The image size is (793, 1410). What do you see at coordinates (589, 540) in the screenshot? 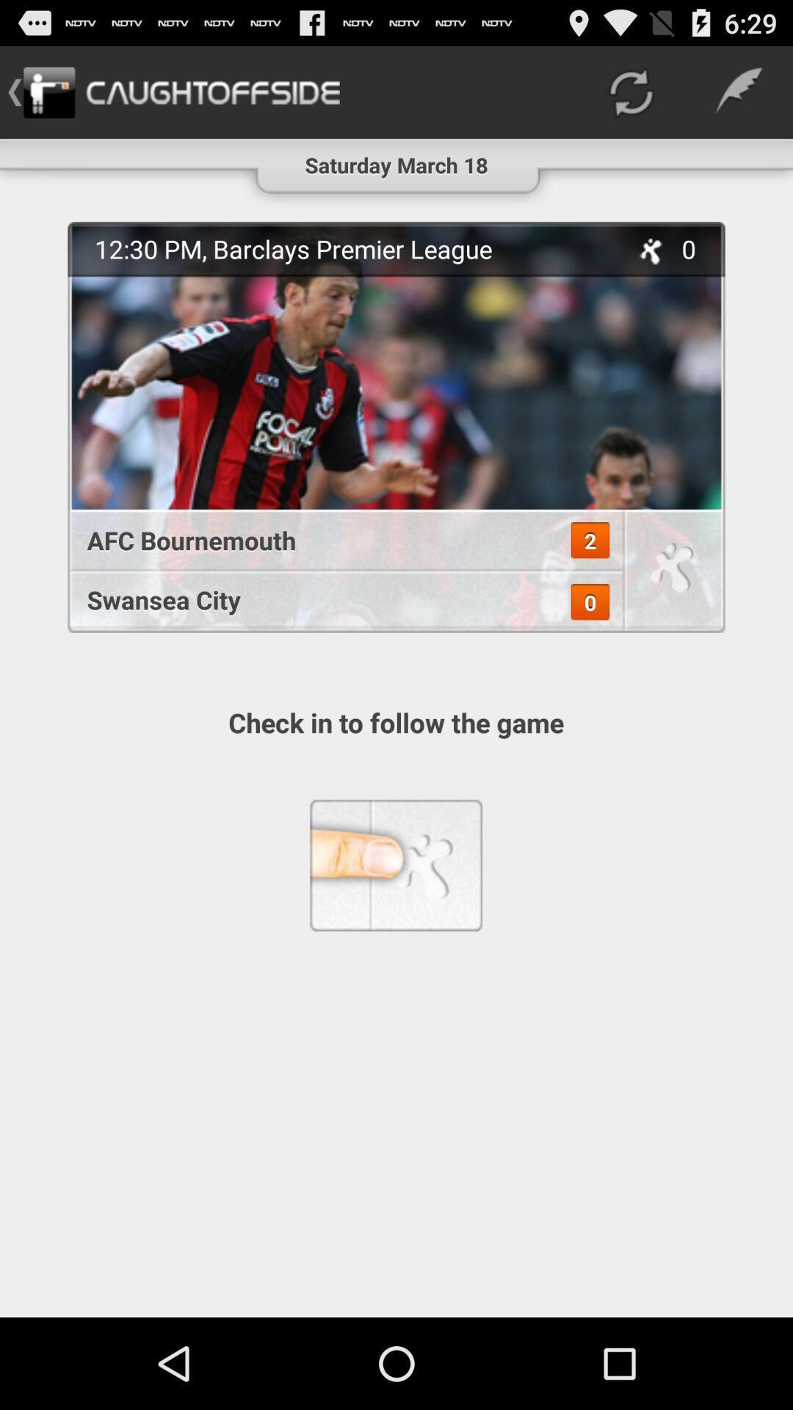
I see `app below the 12 30 pm icon` at bounding box center [589, 540].